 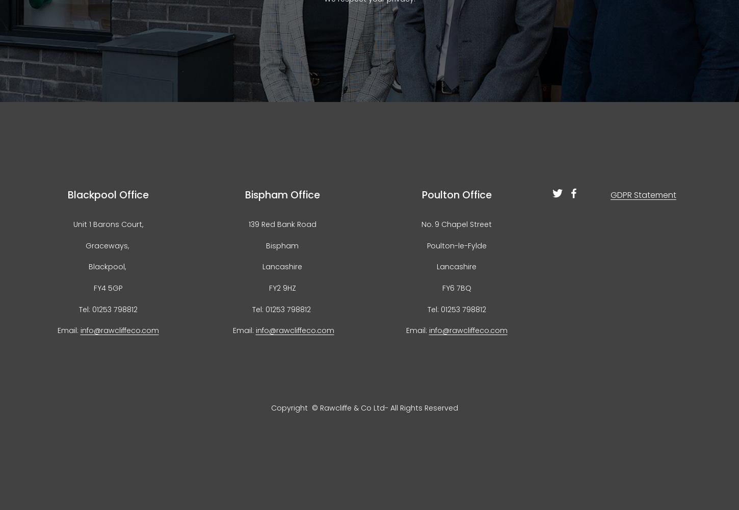 I want to click on 'GDPR Statement', so click(x=643, y=194).